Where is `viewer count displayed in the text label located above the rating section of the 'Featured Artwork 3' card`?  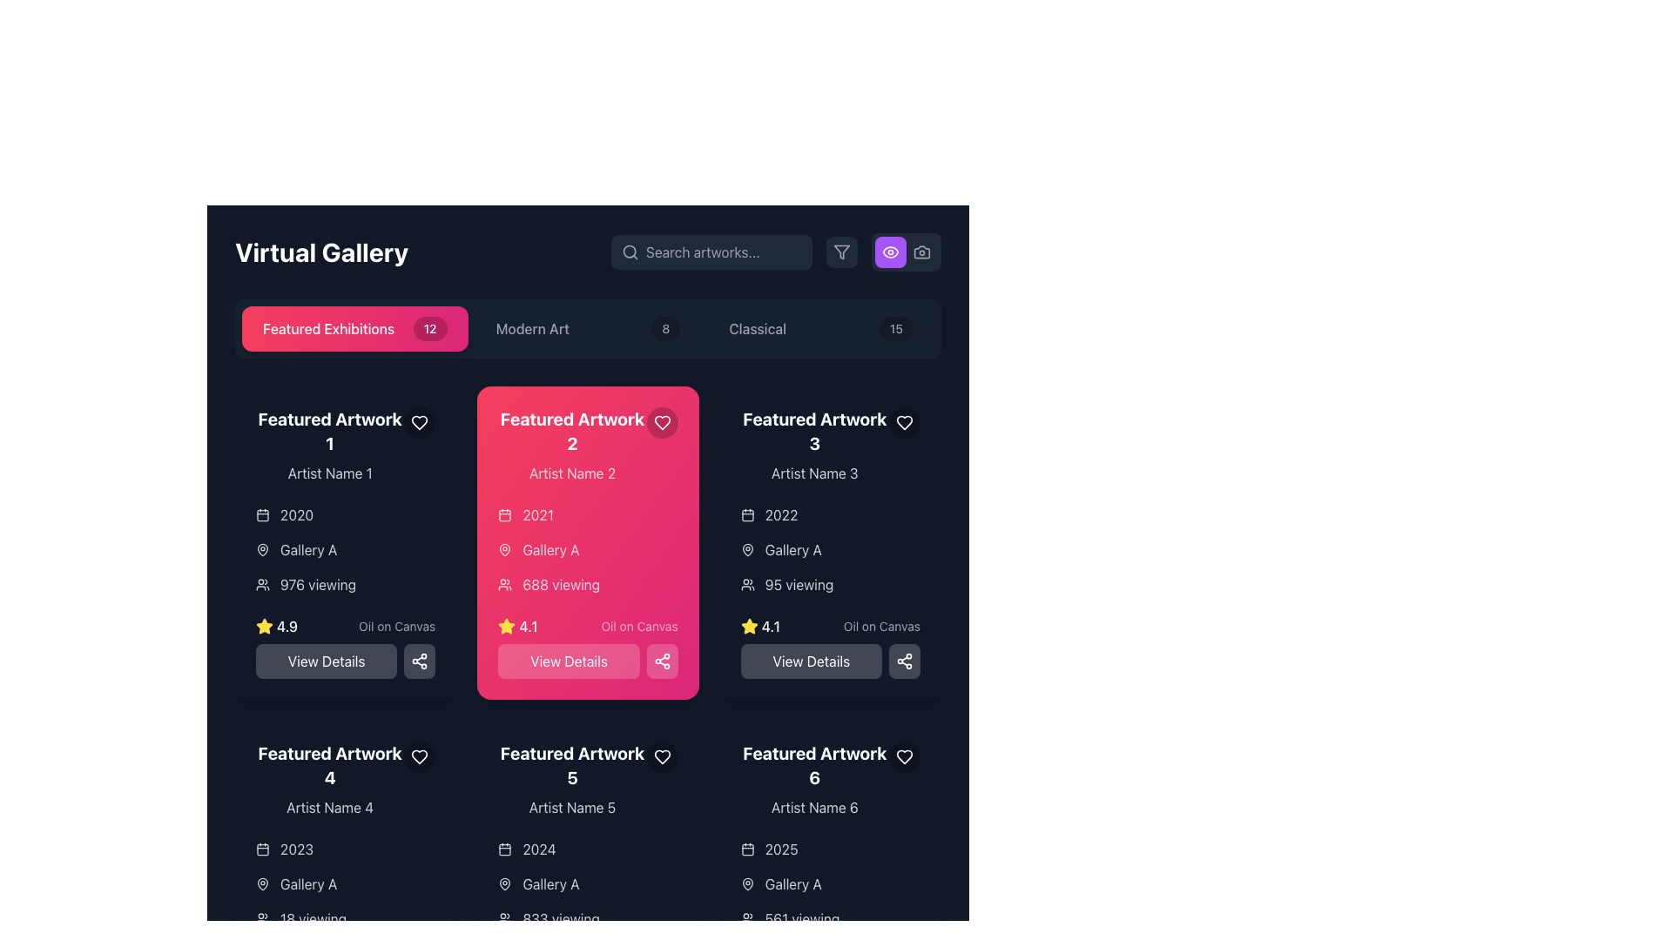 viewer count displayed in the text label located above the rating section of the 'Featured Artwork 3' card is located at coordinates (798, 584).